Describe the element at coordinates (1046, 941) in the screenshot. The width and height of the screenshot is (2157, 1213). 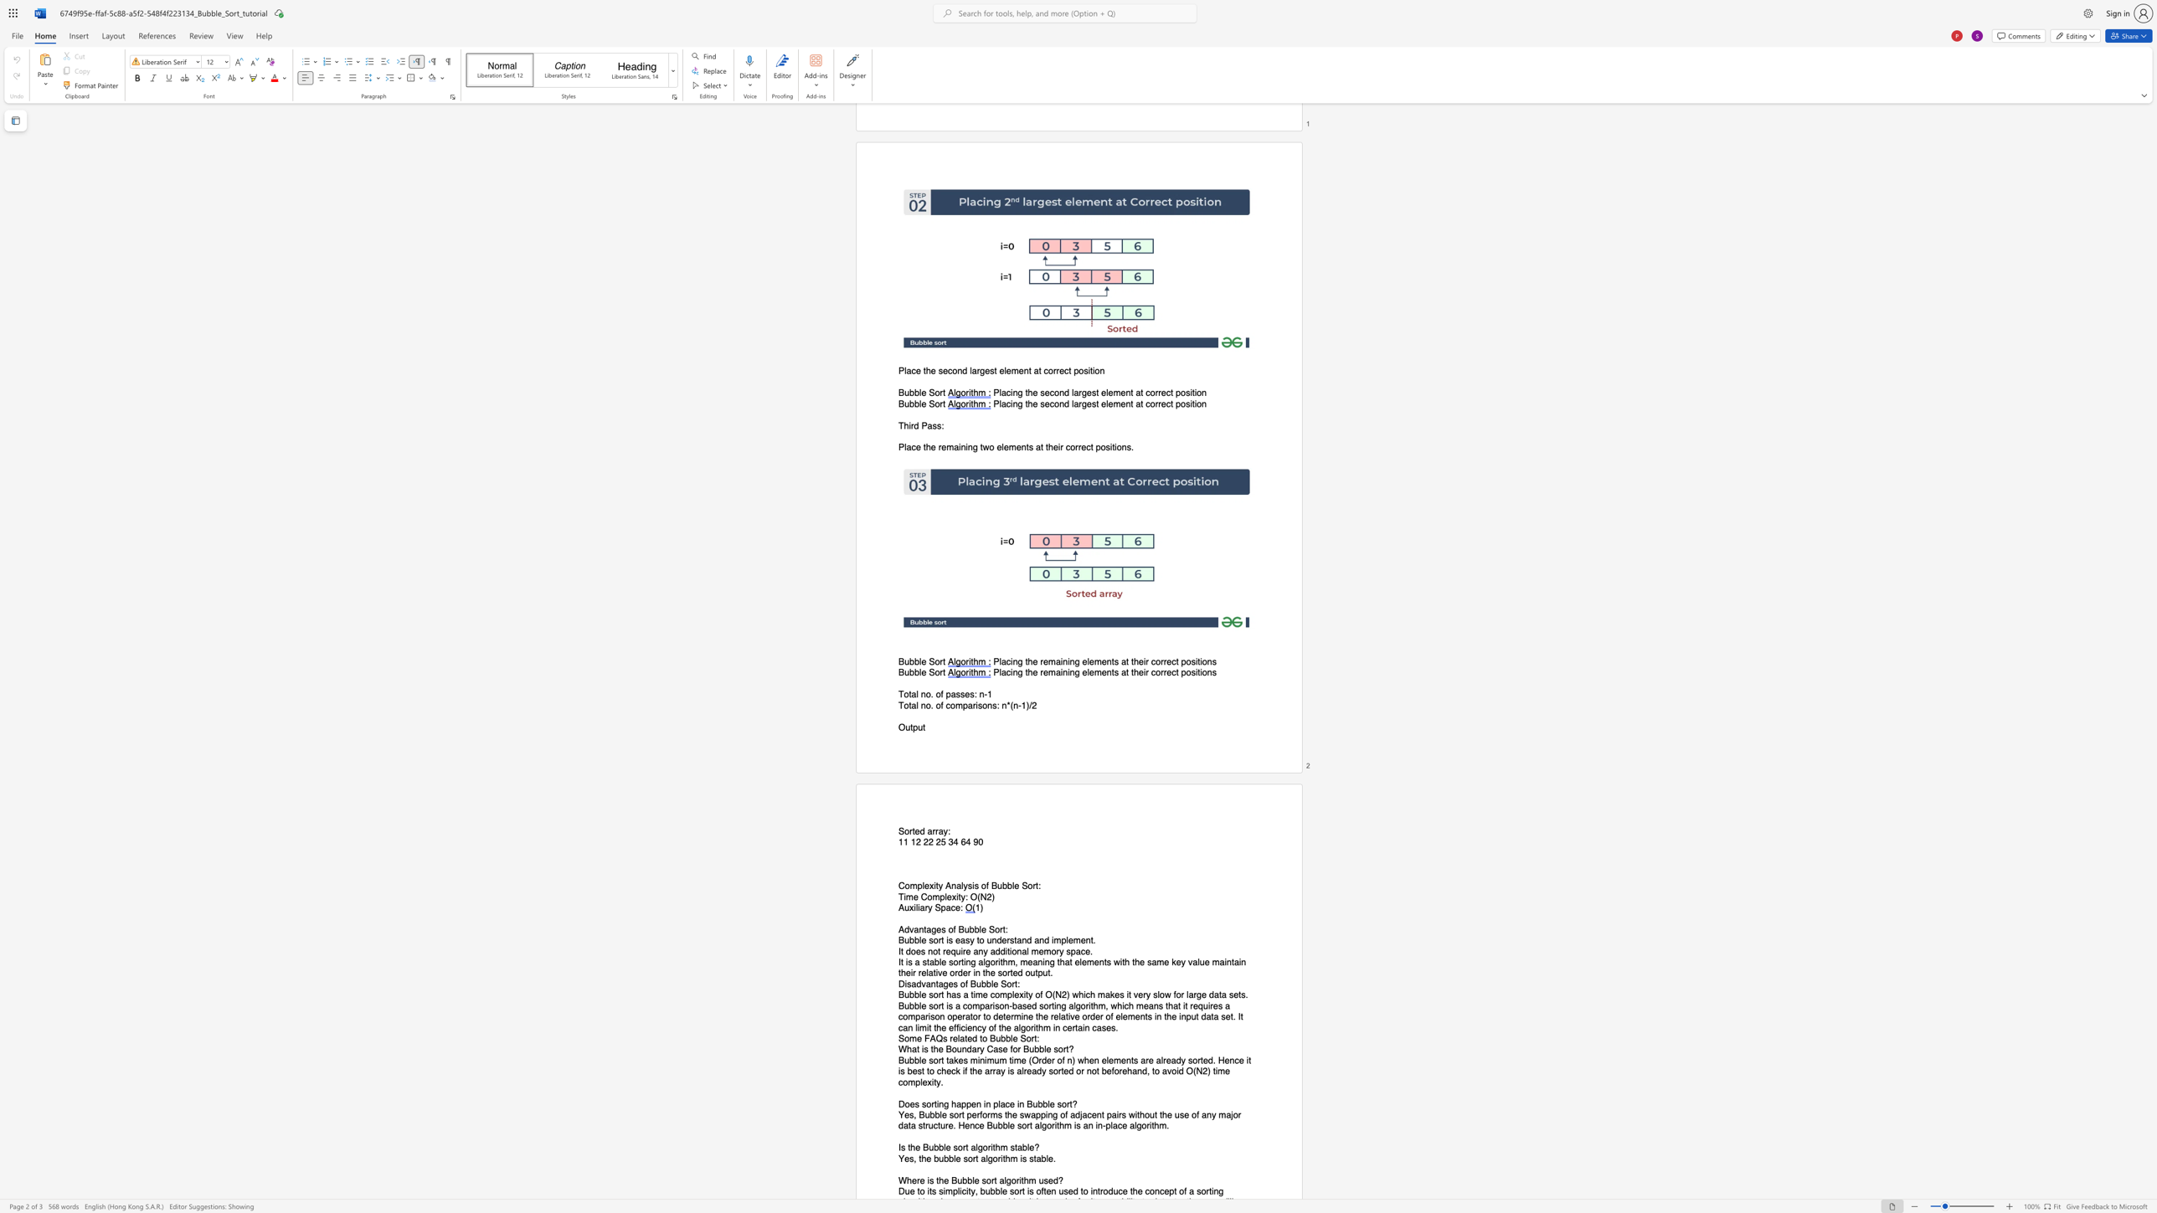
I see `the 3th character "d" in the text` at that location.